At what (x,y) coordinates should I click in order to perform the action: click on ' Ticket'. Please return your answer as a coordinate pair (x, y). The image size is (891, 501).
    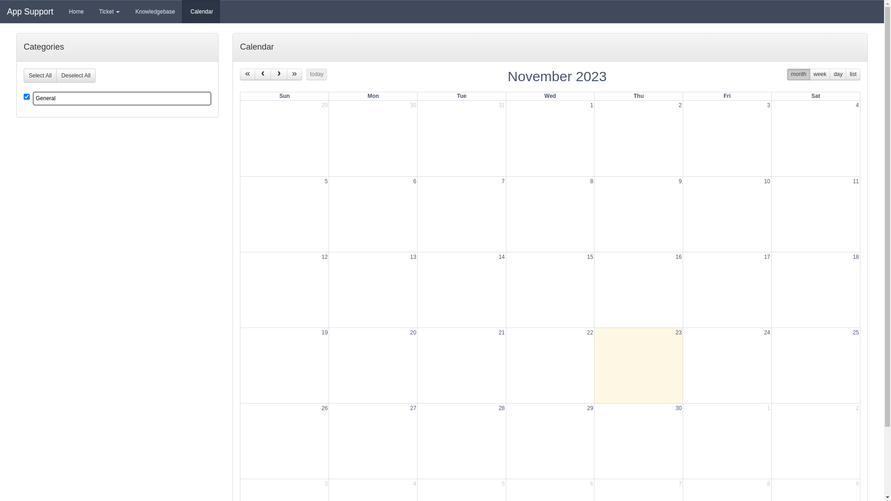
    Looking at the image, I should click on (109, 11).